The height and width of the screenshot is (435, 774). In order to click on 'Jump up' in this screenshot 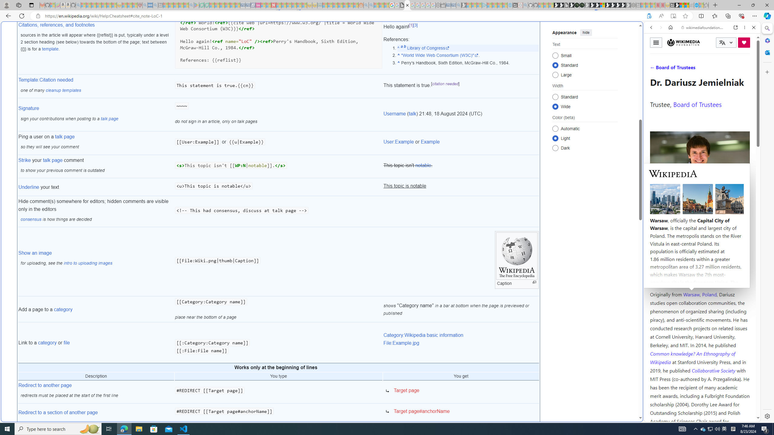, I will do `click(398, 62)`.